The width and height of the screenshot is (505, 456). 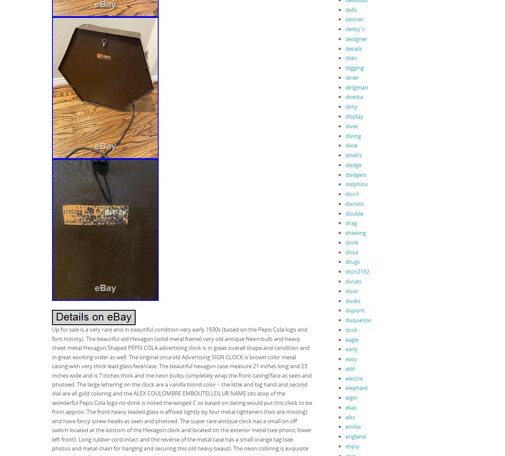 What do you see at coordinates (351, 77) in the screenshot?
I see `'diner'` at bounding box center [351, 77].